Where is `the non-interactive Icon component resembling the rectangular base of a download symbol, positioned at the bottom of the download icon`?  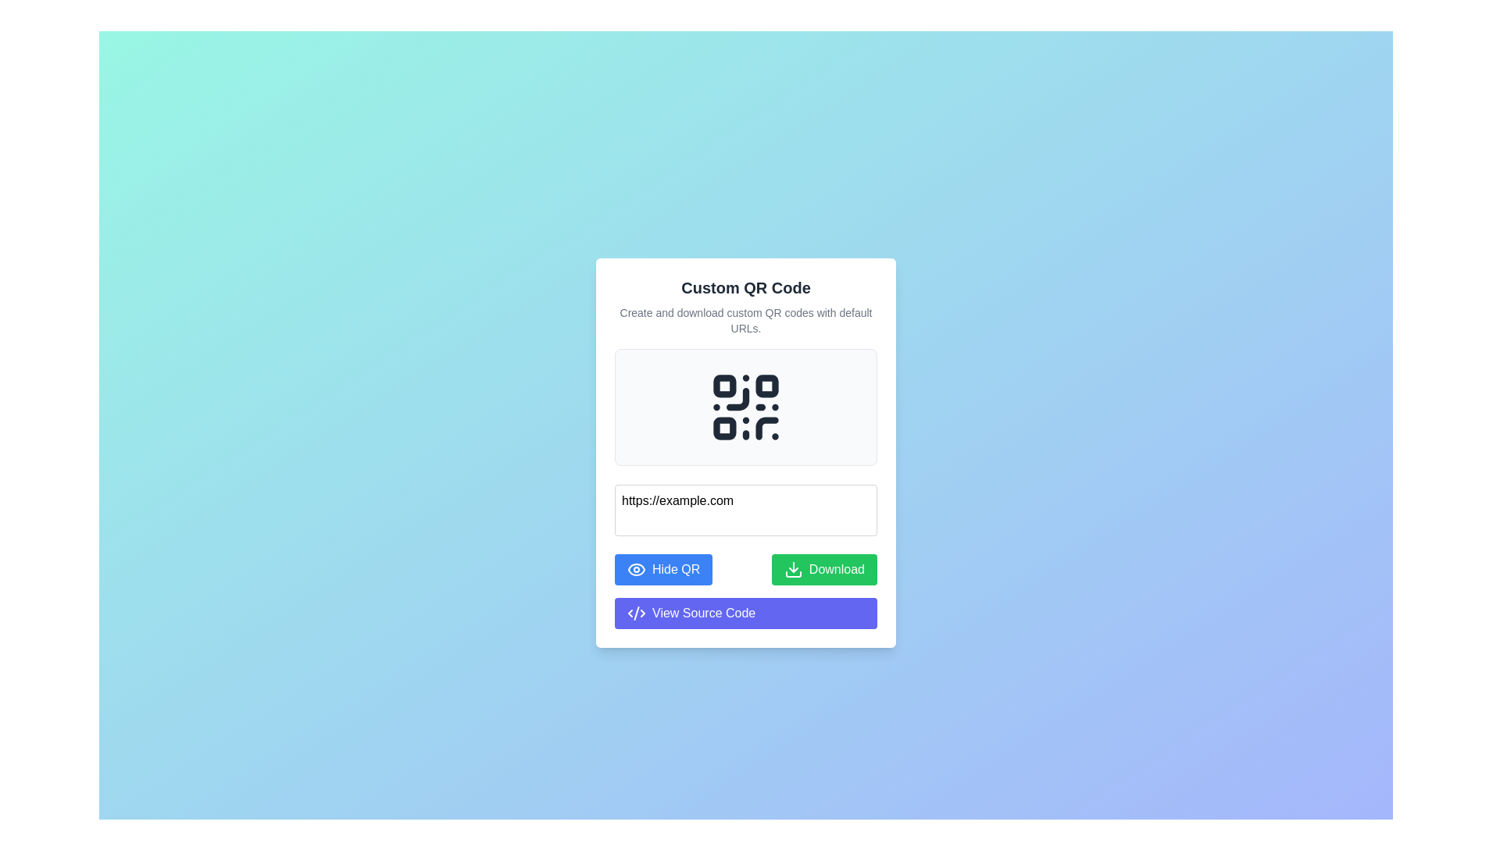
the non-interactive Icon component resembling the rectangular base of a download symbol, positioned at the bottom of the download icon is located at coordinates (793, 574).